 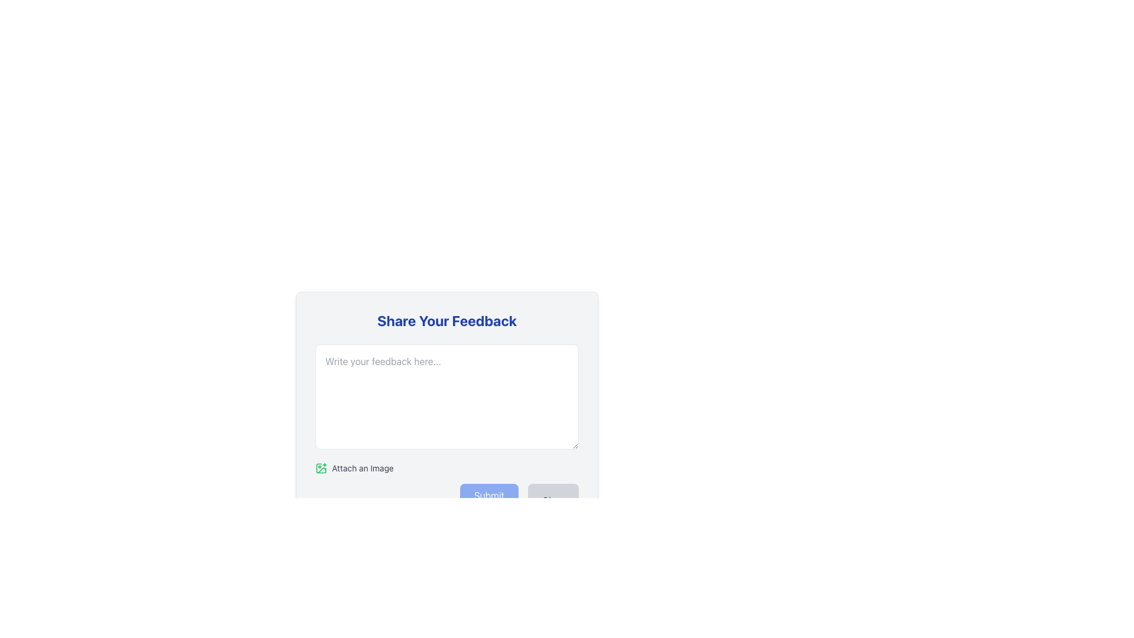 What do you see at coordinates (489, 501) in the screenshot?
I see `the blue 'Submit' button with rounded corners that contains white text and a paper plane icon` at bounding box center [489, 501].